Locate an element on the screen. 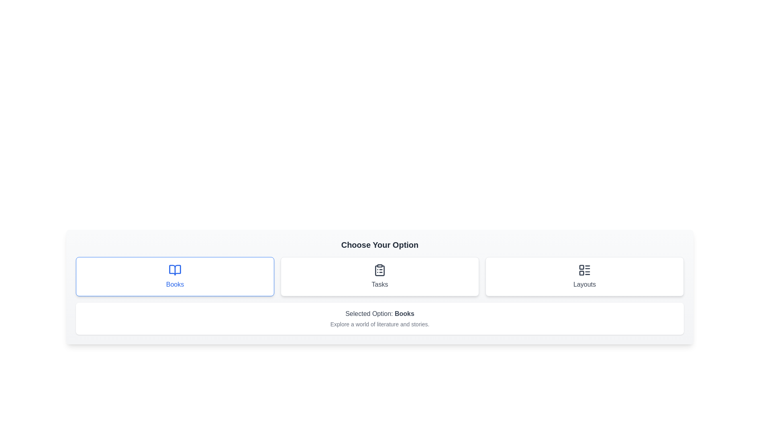  the content of the 'Books' label in the selection menu, which is centrally positioned beneath an open book icon in the leftmost card of three options is located at coordinates (175, 284).